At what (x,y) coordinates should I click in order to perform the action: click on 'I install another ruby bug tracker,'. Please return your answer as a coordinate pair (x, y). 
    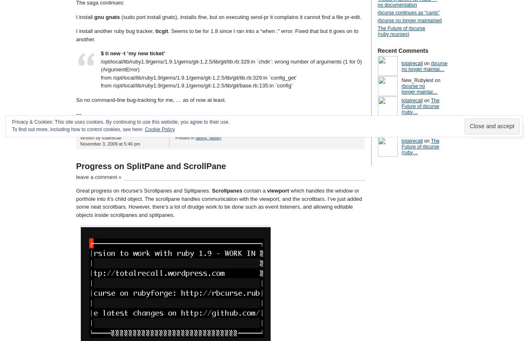
    Looking at the image, I should click on (115, 31).